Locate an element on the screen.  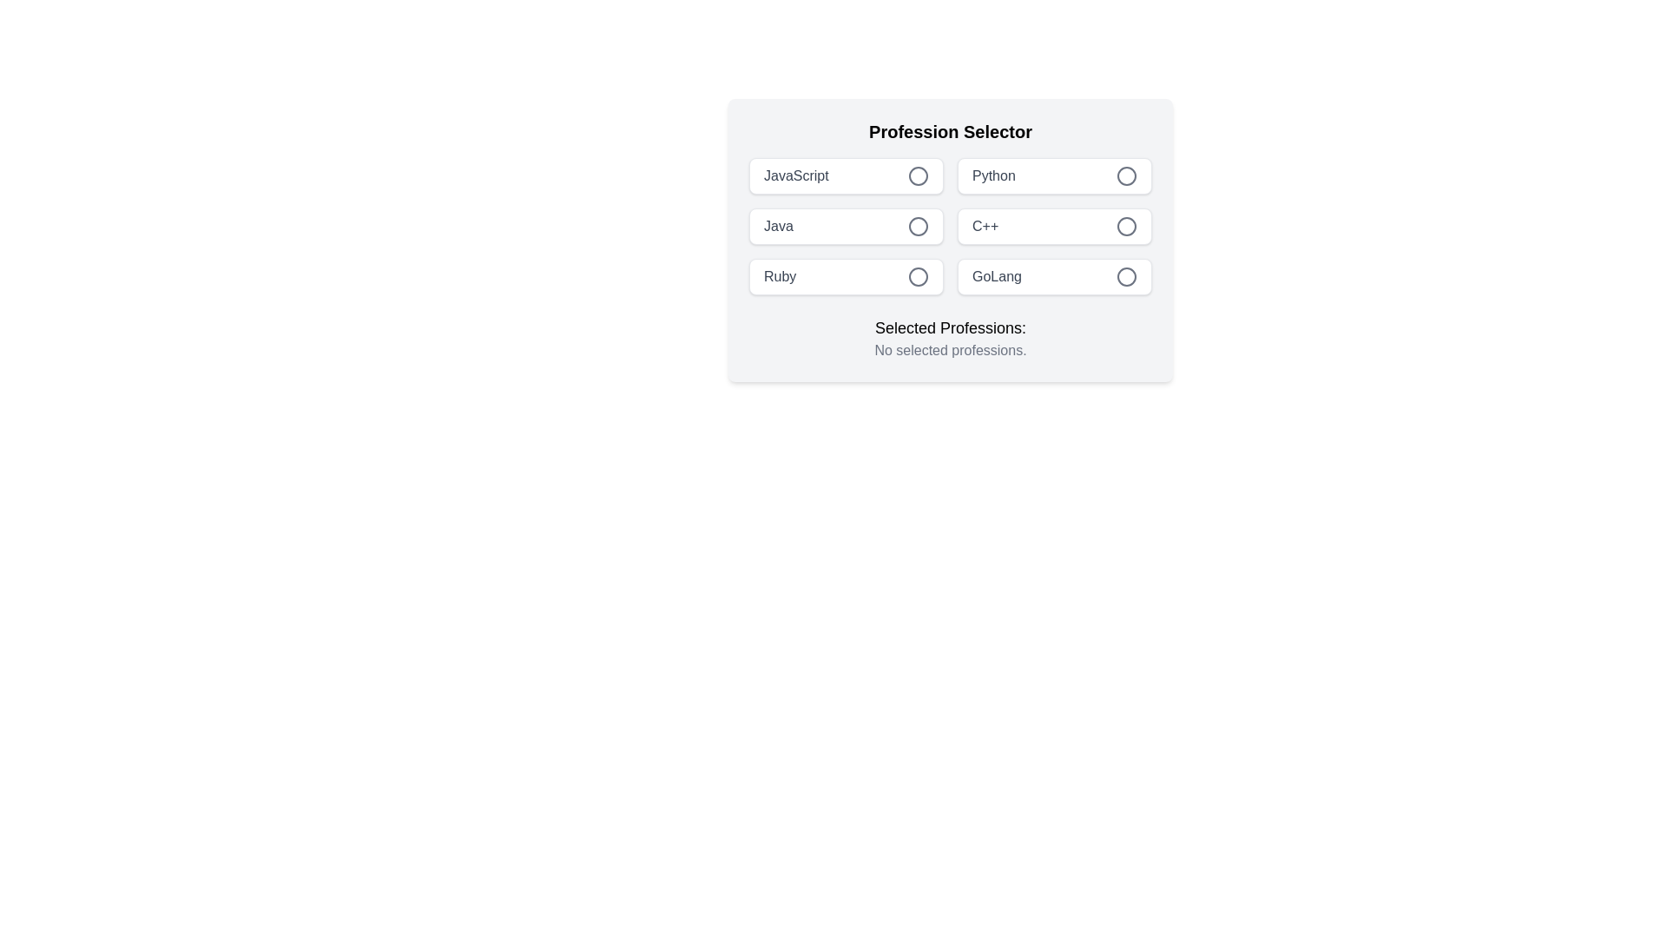
the 'Python' radio button in the profession selector component is located at coordinates (1053, 176).